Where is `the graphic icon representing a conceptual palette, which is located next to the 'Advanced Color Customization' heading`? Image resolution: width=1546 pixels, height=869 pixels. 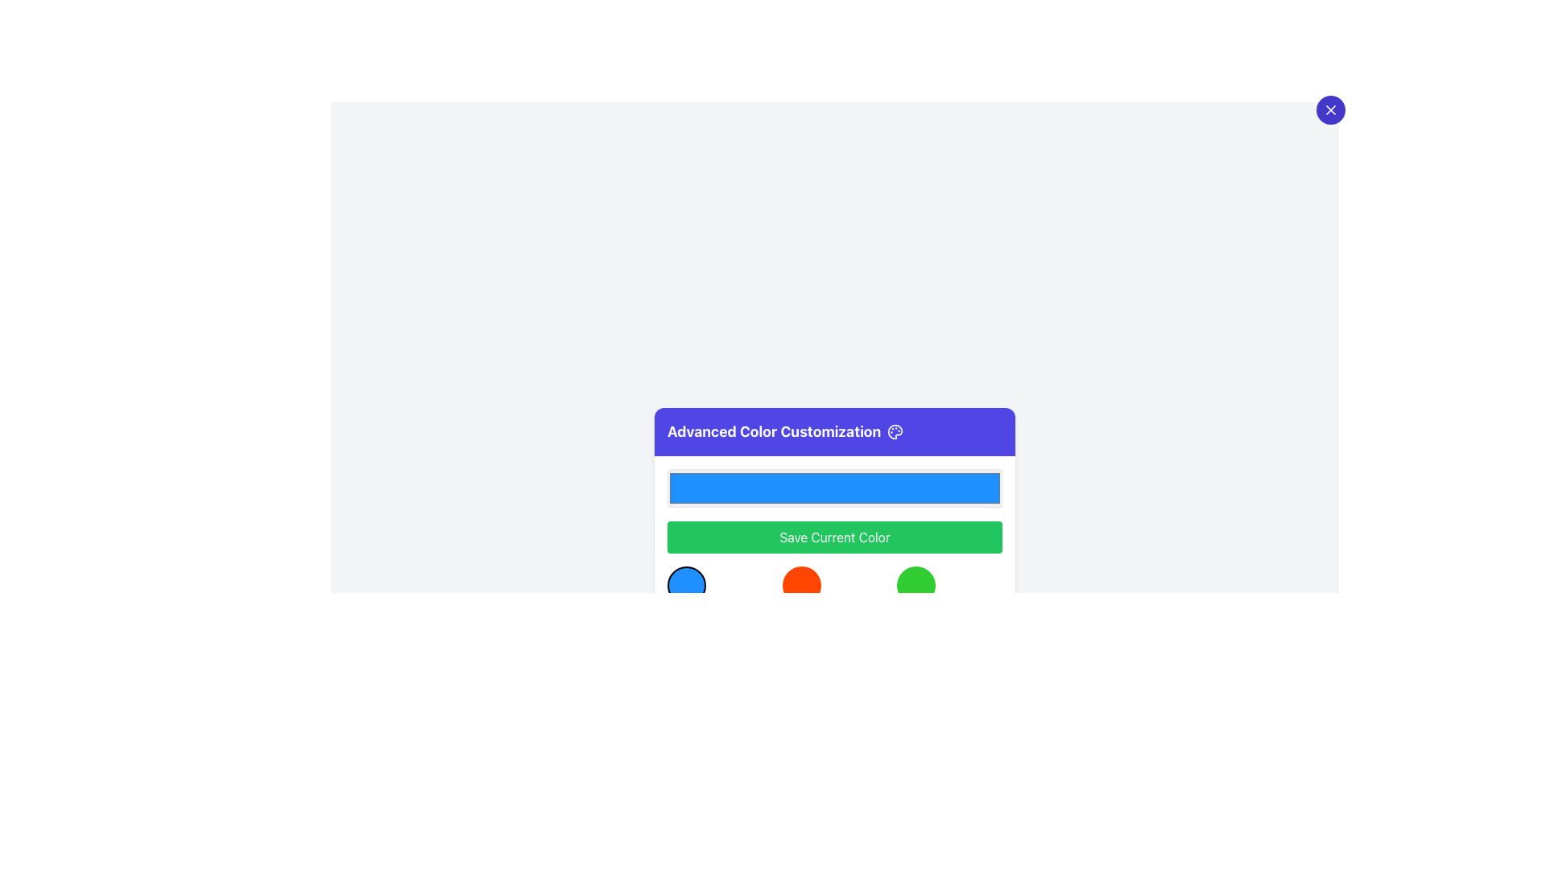 the graphic icon representing a conceptual palette, which is located next to the 'Advanced Color Customization' heading is located at coordinates (895, 430).